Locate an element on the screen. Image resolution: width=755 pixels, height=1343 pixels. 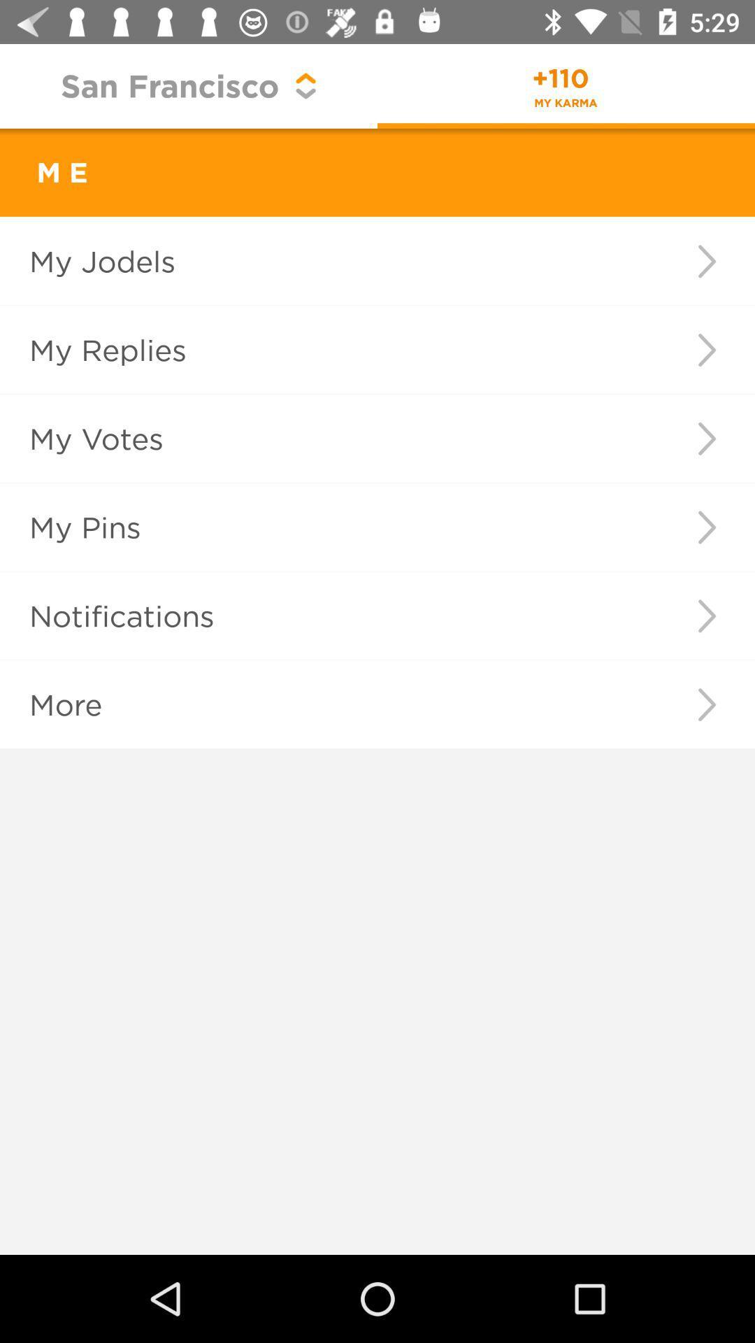
my votes icon is located at coordinates (324, 438).